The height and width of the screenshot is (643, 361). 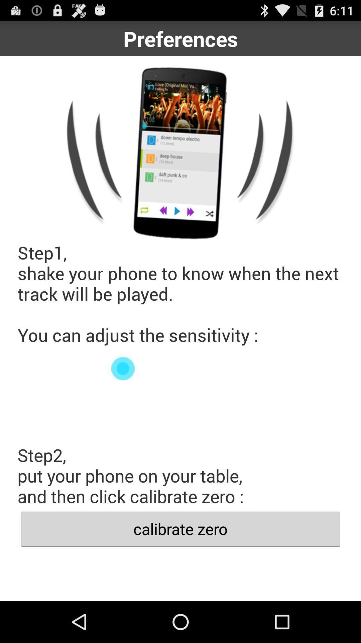 What do you see at coordinates (180, 368) in the screenshot?
I see `the item below step1 shake your` at bounding box center [180, 368].